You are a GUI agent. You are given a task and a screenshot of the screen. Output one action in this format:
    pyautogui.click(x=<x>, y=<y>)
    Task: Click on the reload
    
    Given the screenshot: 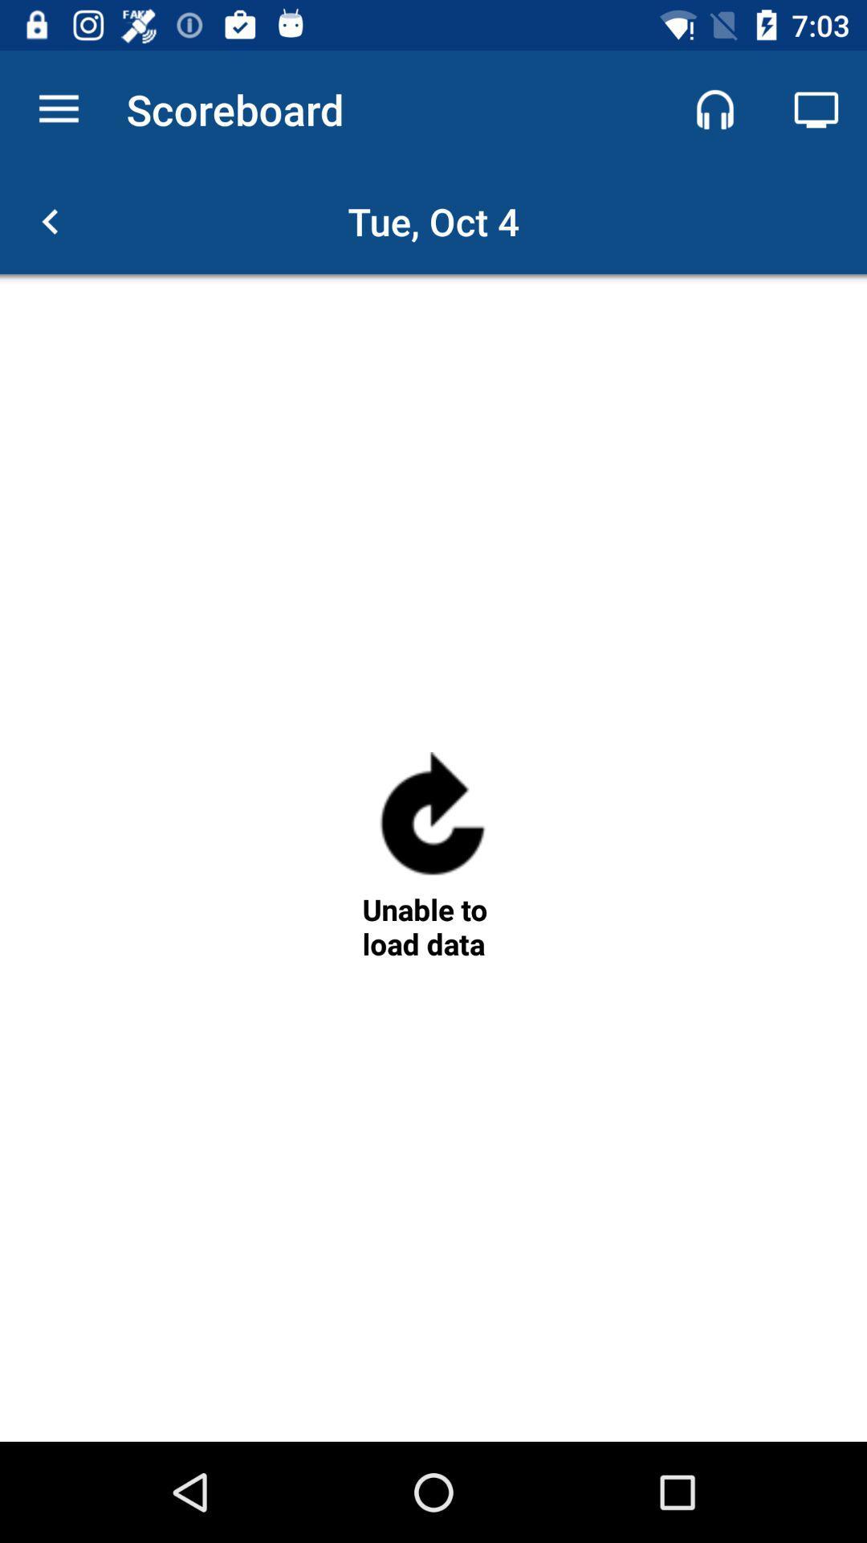 What is the action you would take?
    pyautogui.click(x=432, y=821)
    